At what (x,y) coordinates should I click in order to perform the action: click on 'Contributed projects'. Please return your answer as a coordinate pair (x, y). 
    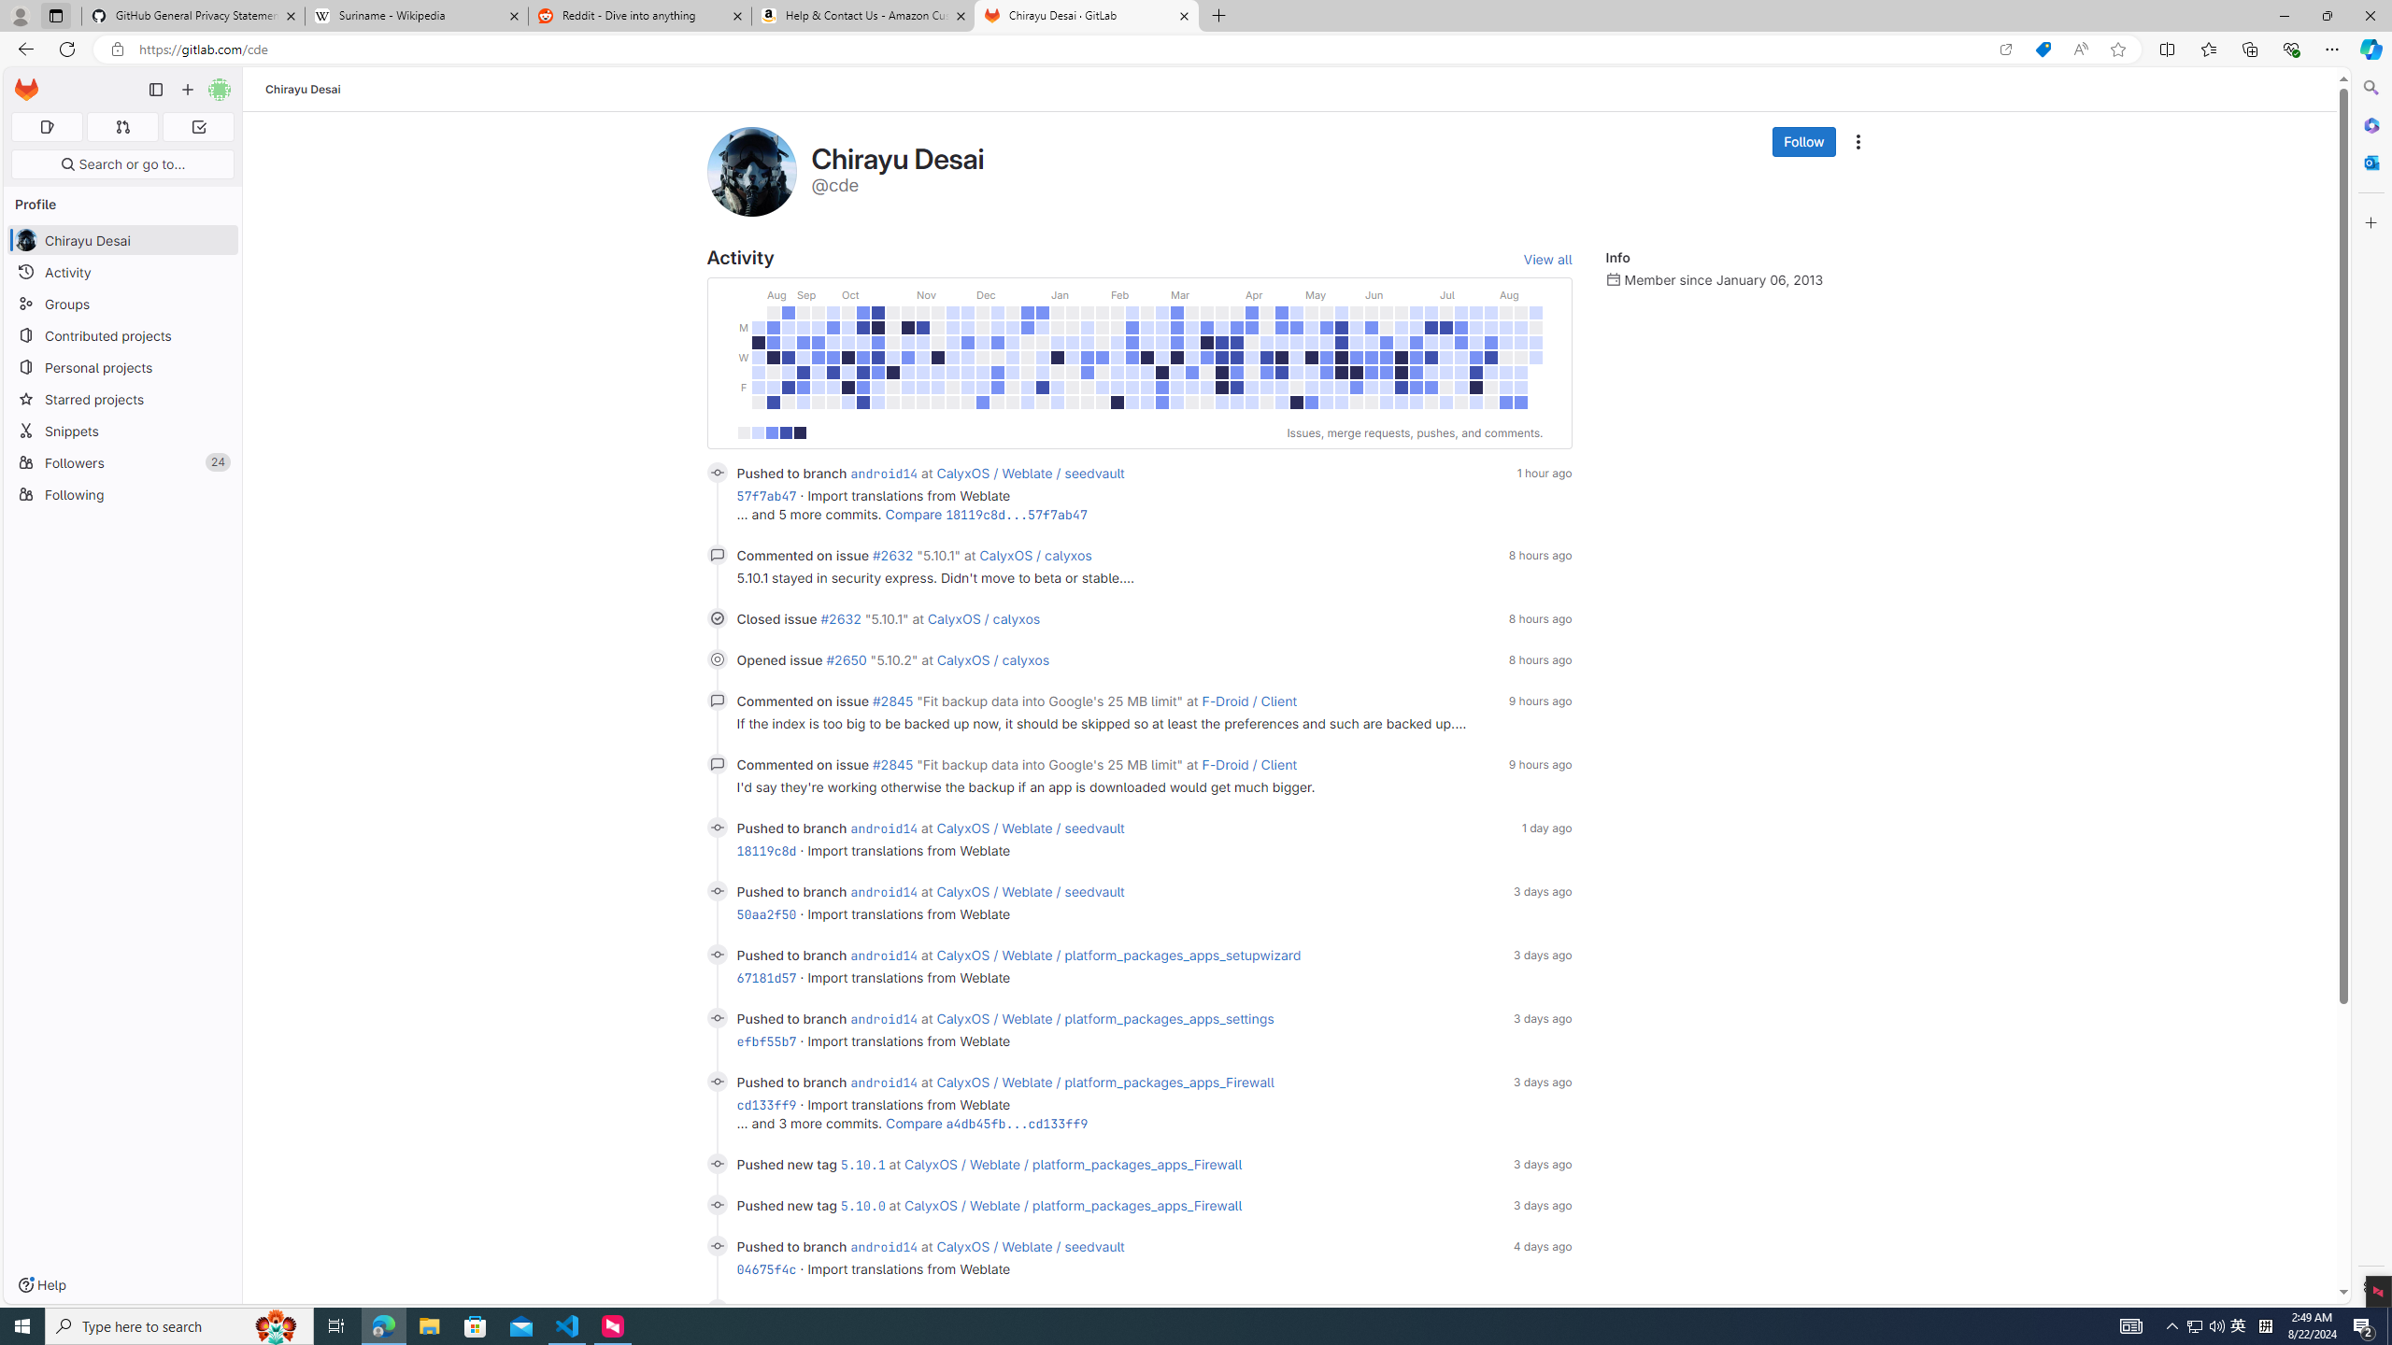
    Looking at the image, I should click on (121, 335).